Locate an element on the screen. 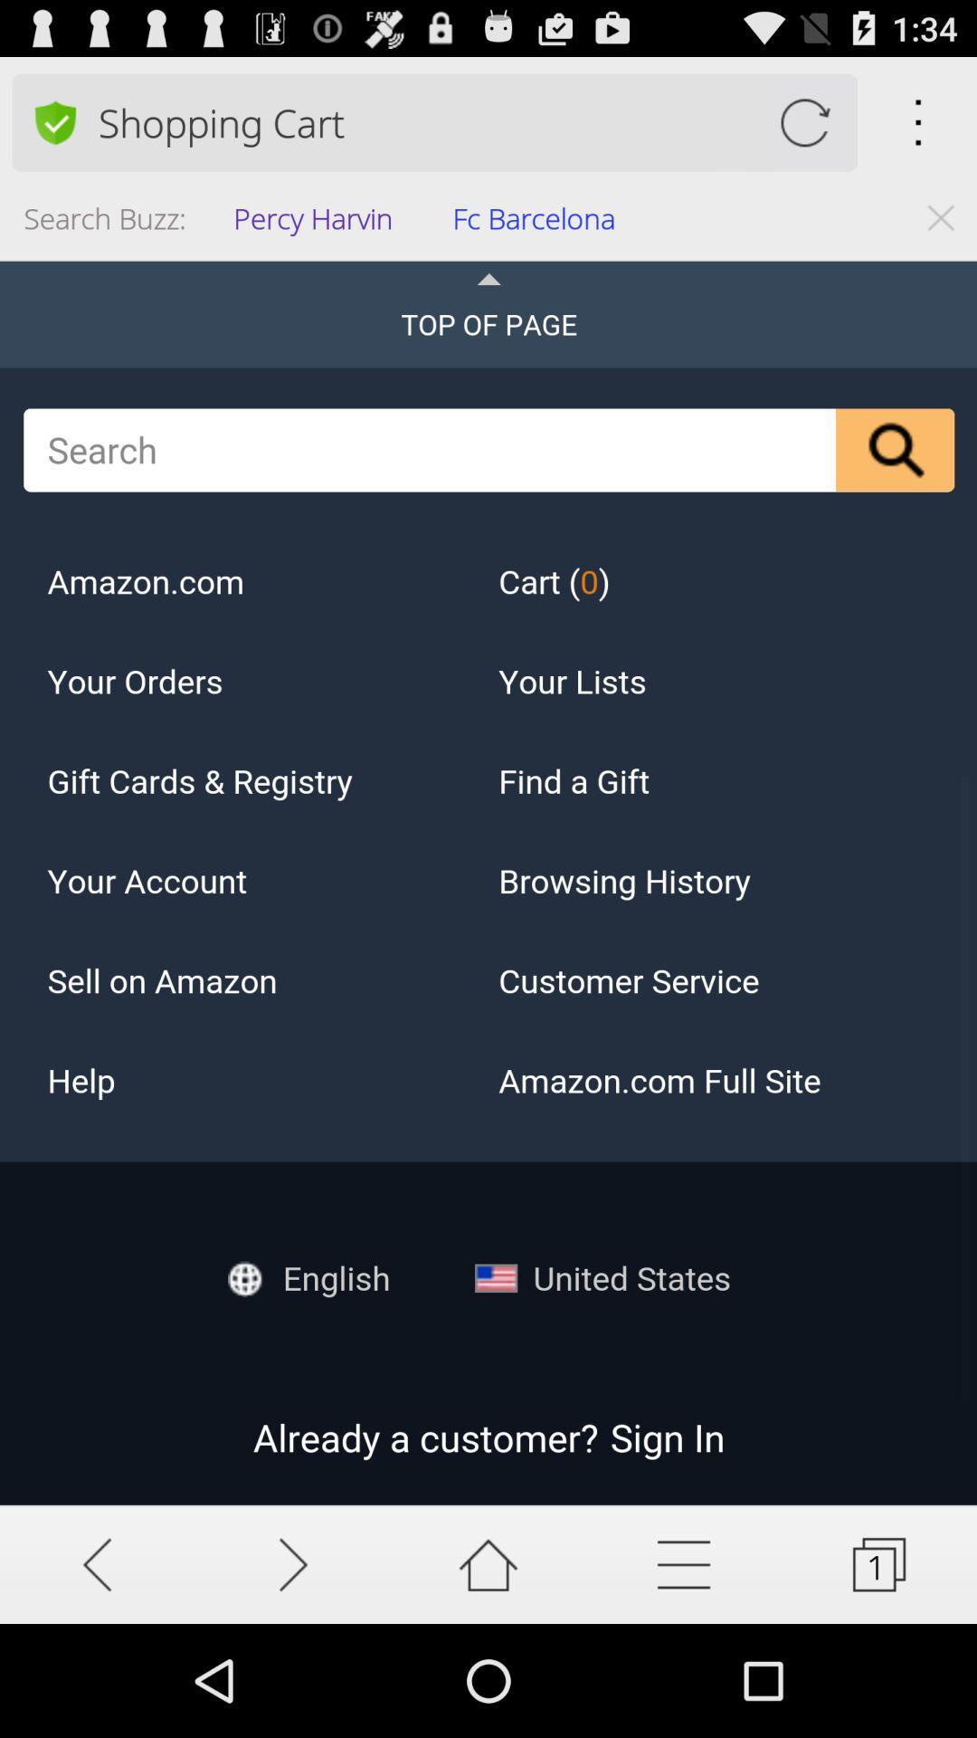  show listings is located at coordinates (684, 1563).